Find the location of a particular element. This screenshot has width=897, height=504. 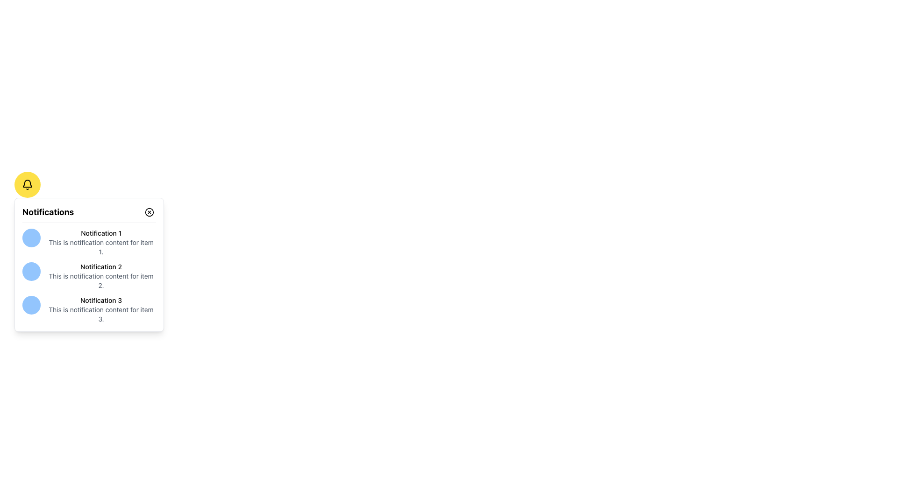

the third notification item in the notification panel, which is located below the second notification and above the fourth notification or empty space is located at coordinates (101, 309).